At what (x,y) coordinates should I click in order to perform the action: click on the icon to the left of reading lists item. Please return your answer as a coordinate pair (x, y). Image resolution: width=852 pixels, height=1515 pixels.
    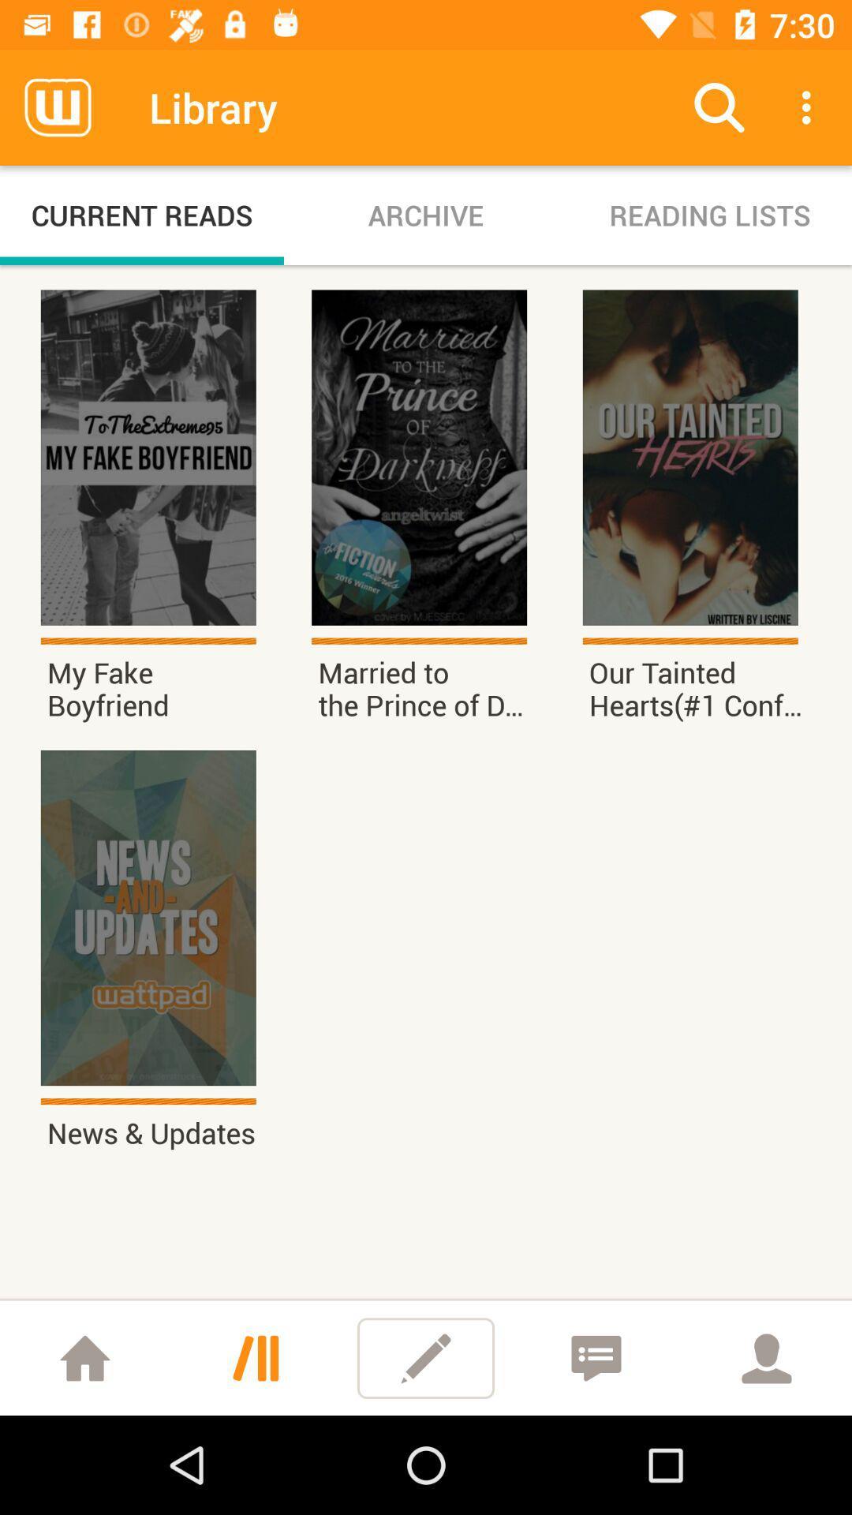
    Looking at the image, I should click on (426, 215).